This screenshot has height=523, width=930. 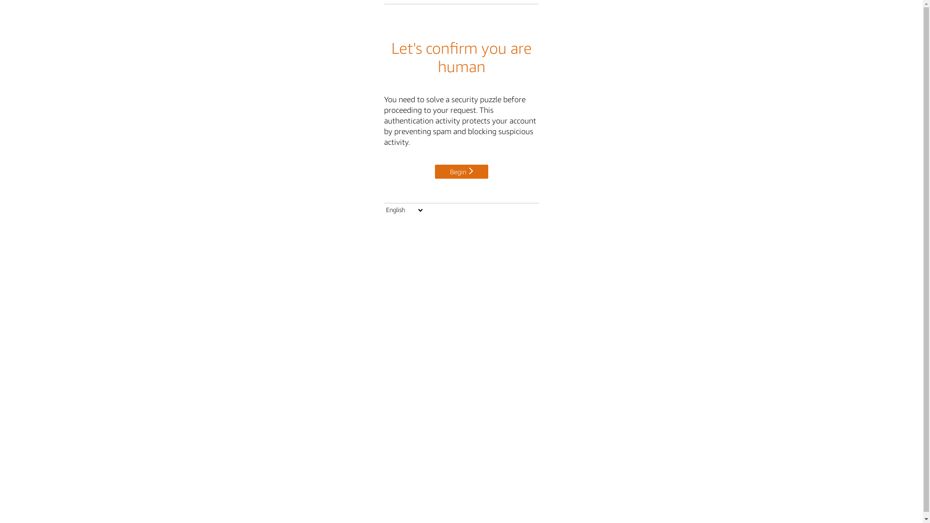 What do you see at coordinates (461, 171) in the screenshot?
I see `'Begin'` at bounding box center [461, 171].